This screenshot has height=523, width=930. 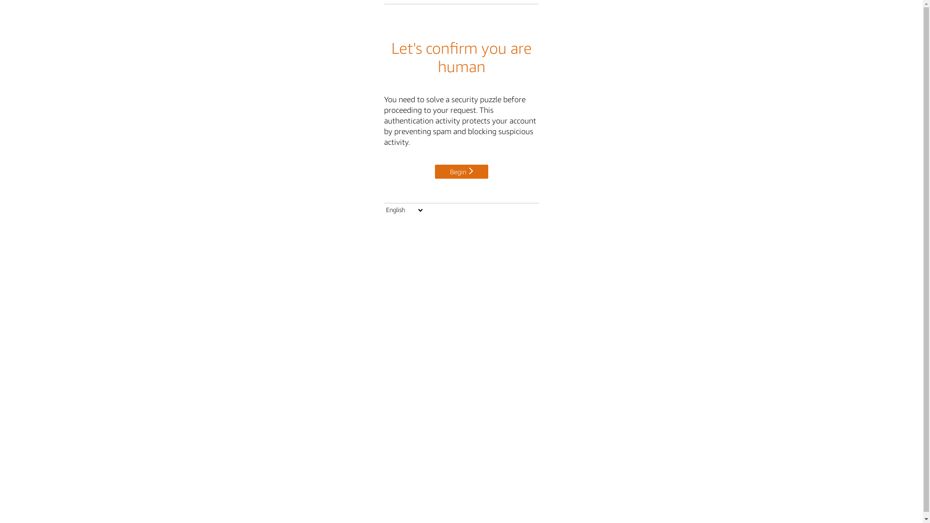 What do you see at coordinates (461, 171) in the screenshot?
I see `'Begin'` at bounding box center [461, 171].